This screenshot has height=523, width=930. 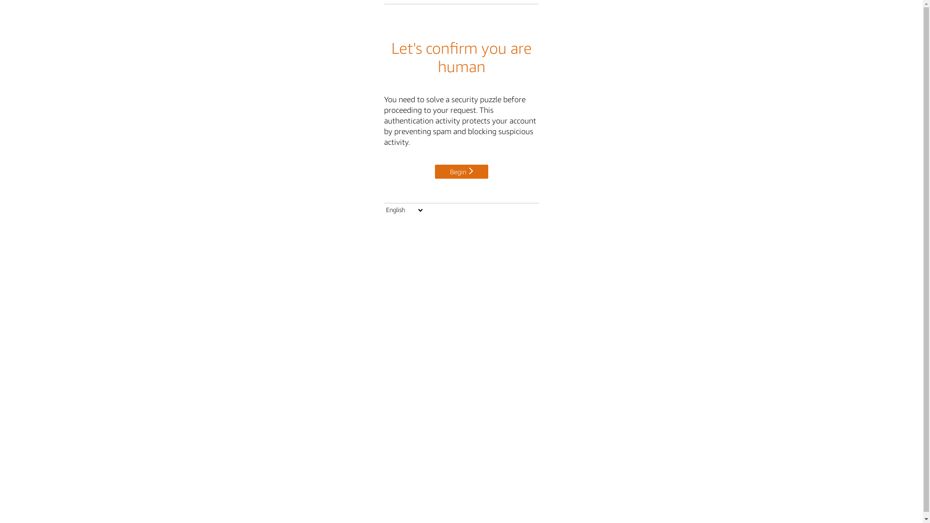 What do you see at coordinates (461, 171) in the screenshot?
I see `'Begin'` at bounding box center [461, 171].